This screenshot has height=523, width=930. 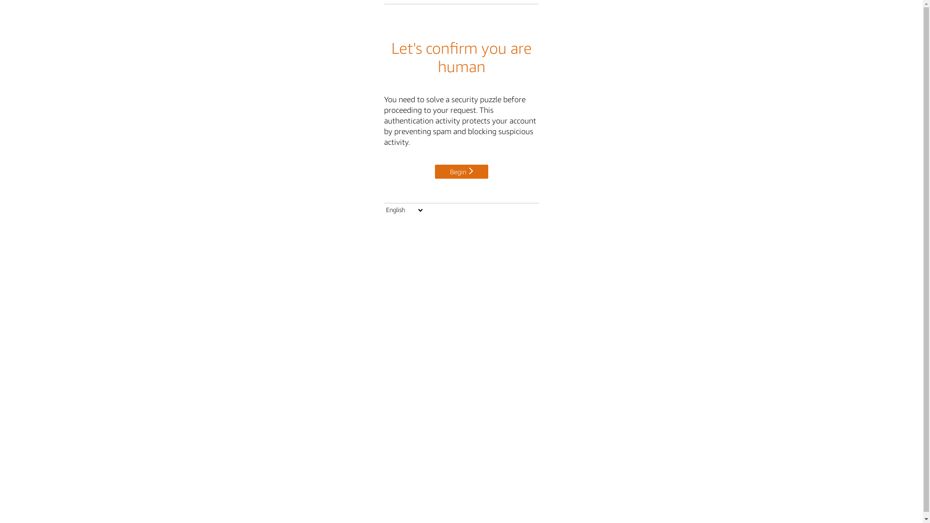 What do you see at coordinates (461, 171) in the screenshot?
I see `'Begin'` at bounding box center [461, 171].